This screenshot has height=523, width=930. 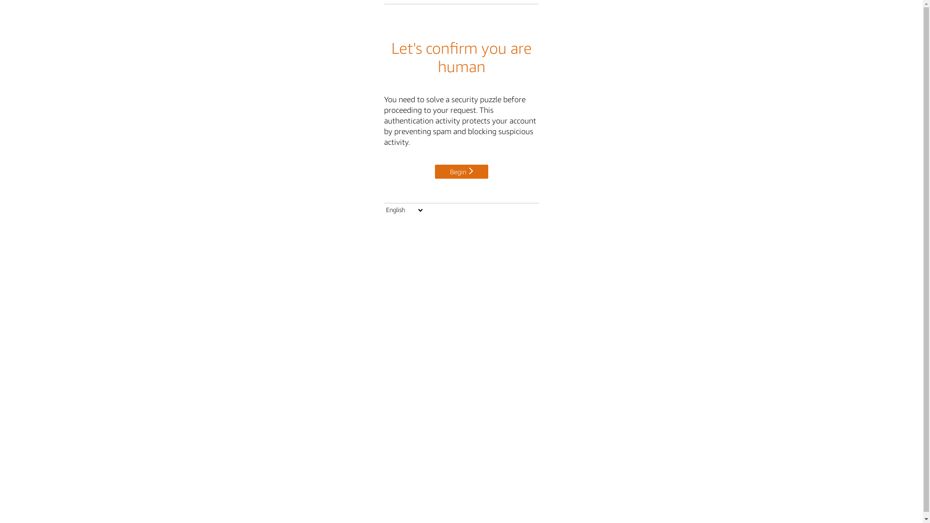 What do you see at coordinates (461, 171) in the screenshot?
I see `'Begin'` at bounding box center [461, 171].